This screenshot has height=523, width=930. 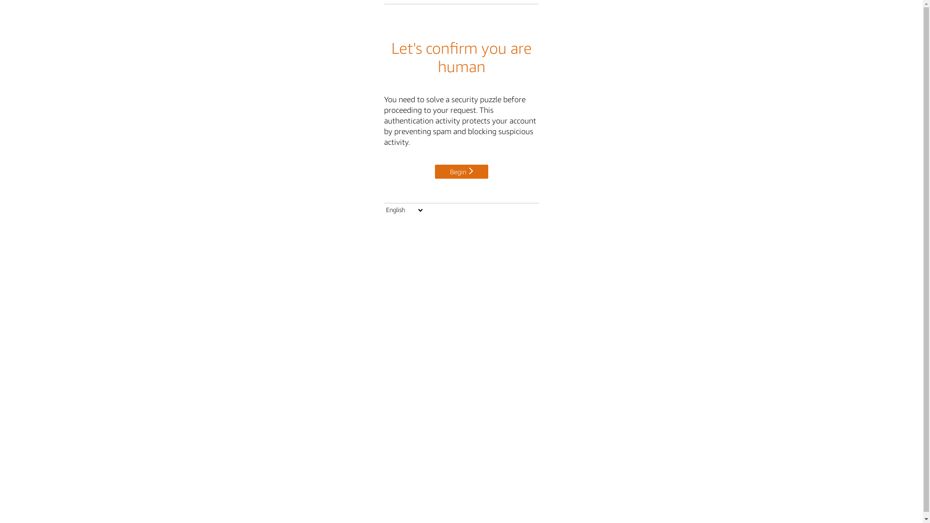 What do you see at coordinates (461, 171) in the screenshot?
I see `'Begin'` at bounding box center [461, 171].